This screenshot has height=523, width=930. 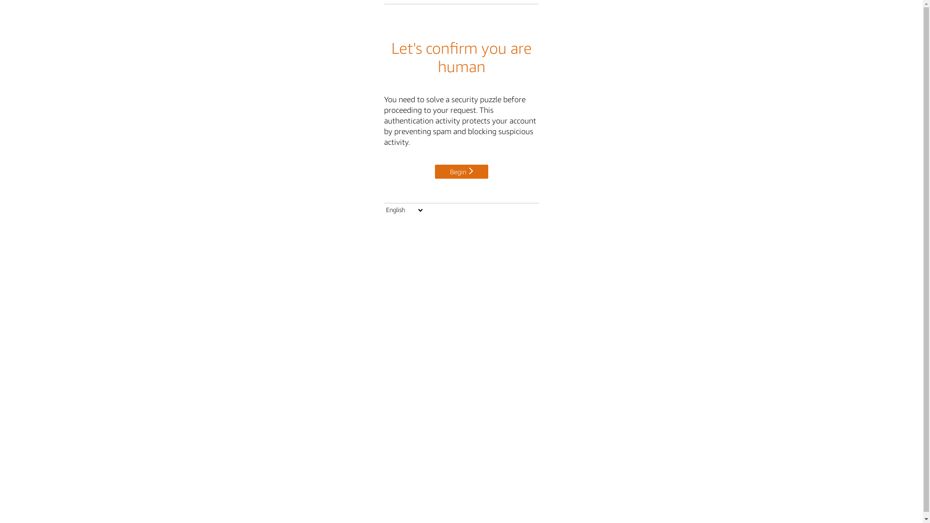 What do you see at coordinates (461, 171) in the screenshot?
I see `'Begin'` at bounding box center [461, 171].